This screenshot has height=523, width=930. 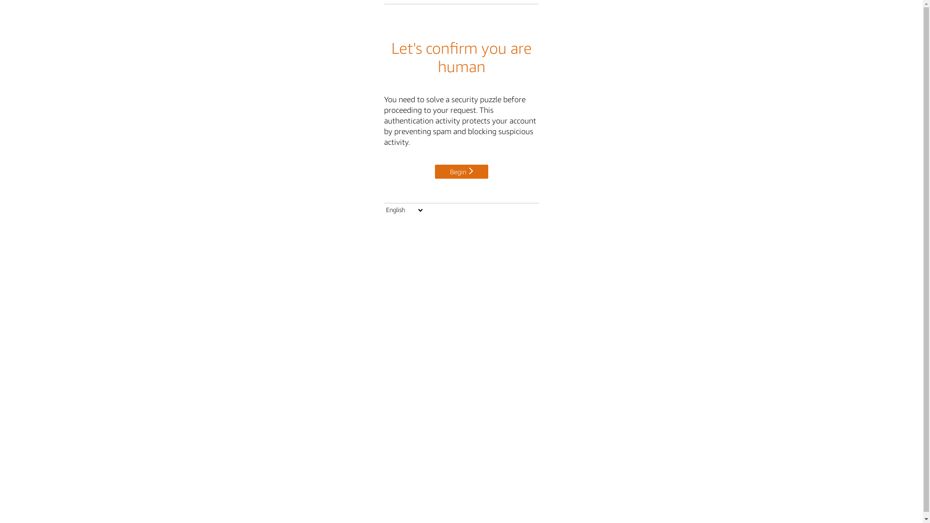 What do you see at coordinates (461, 171) in the screenshot?
I see `'Begin'` at bounding box center [461, 171].